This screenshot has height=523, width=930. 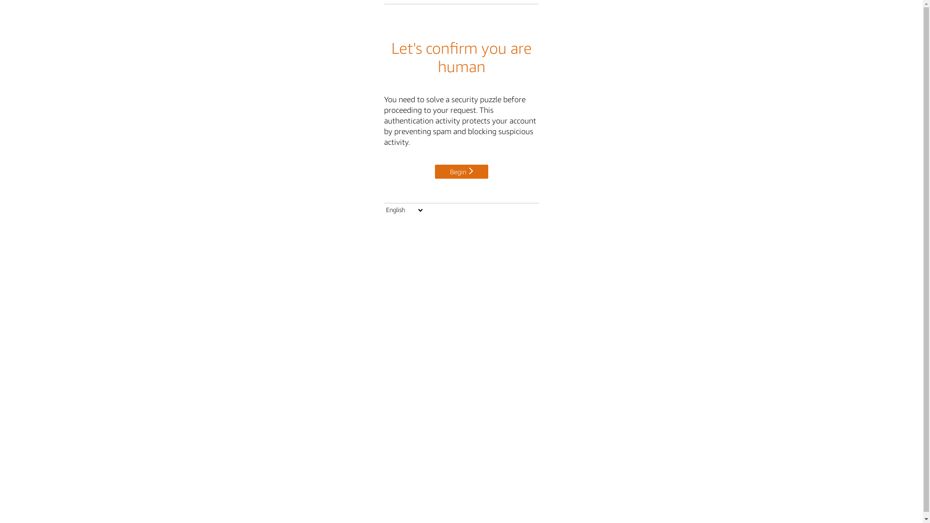 What do you see at coordinates (461, 171) in the screenshot?
I see `'Begin'` at bounding box center [461, 171].